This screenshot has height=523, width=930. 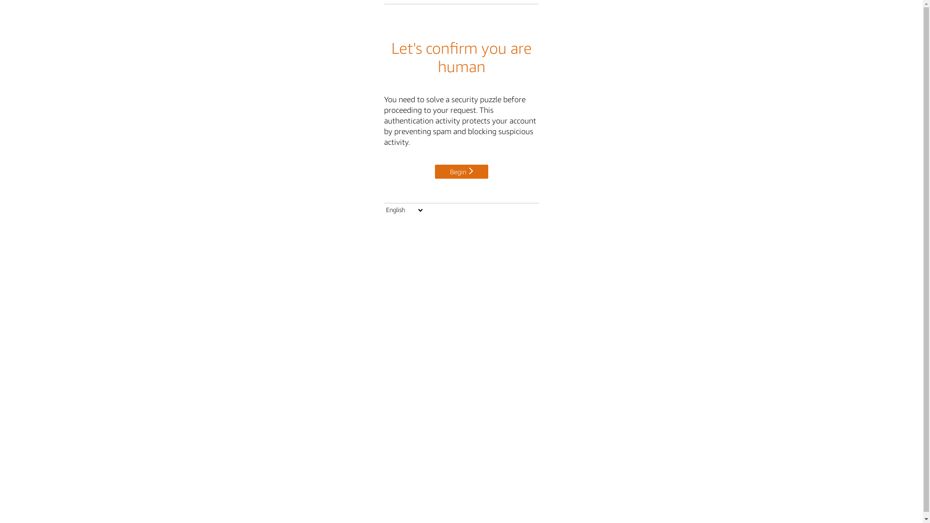 What do you see at coordinates (461, 171) in the screenshot?
I see `'Begin'` at bounding box center [461, 171].